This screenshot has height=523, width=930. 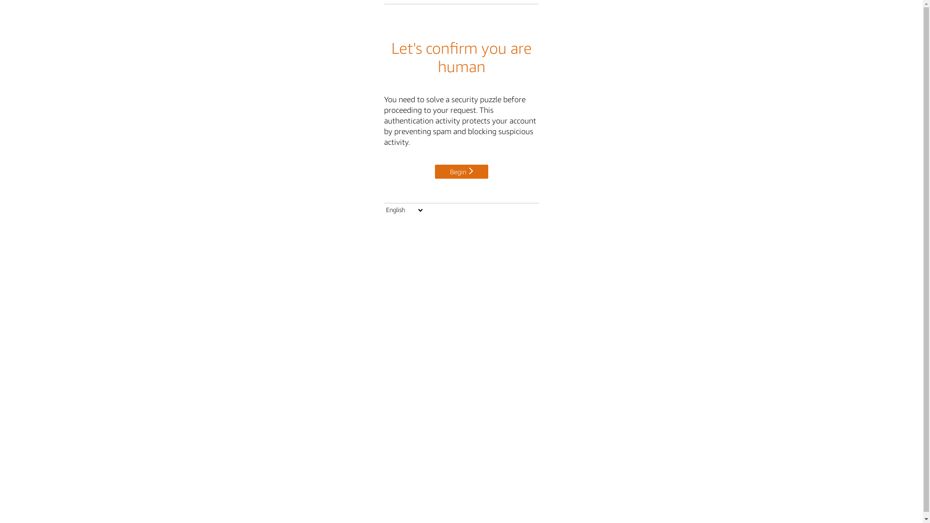 What do you see at coordinates (461, 171) in the screenshot?
I see `'Begin'` at bounding box center [461, 171].